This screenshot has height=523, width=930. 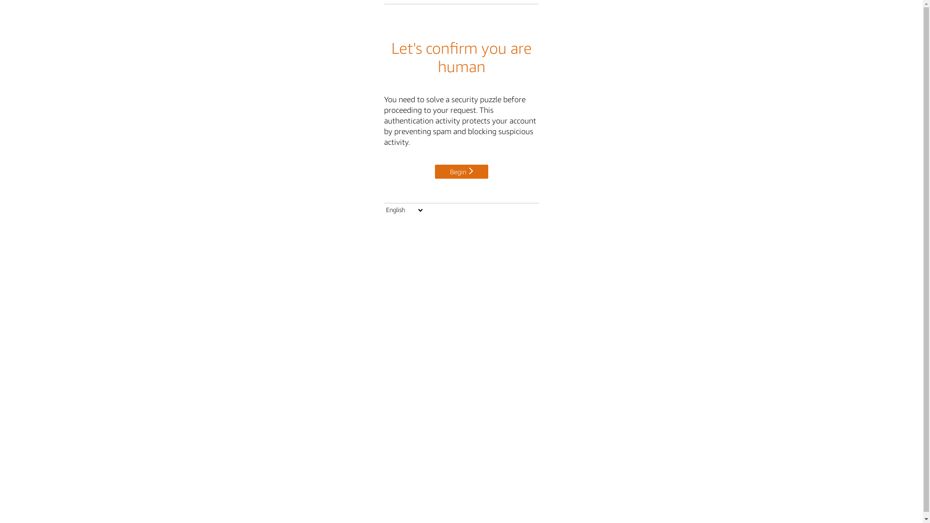 What do you see at coordinates (461, 171) in the screenshot?
I see `'Begin'` at bounding box center [461, 171].